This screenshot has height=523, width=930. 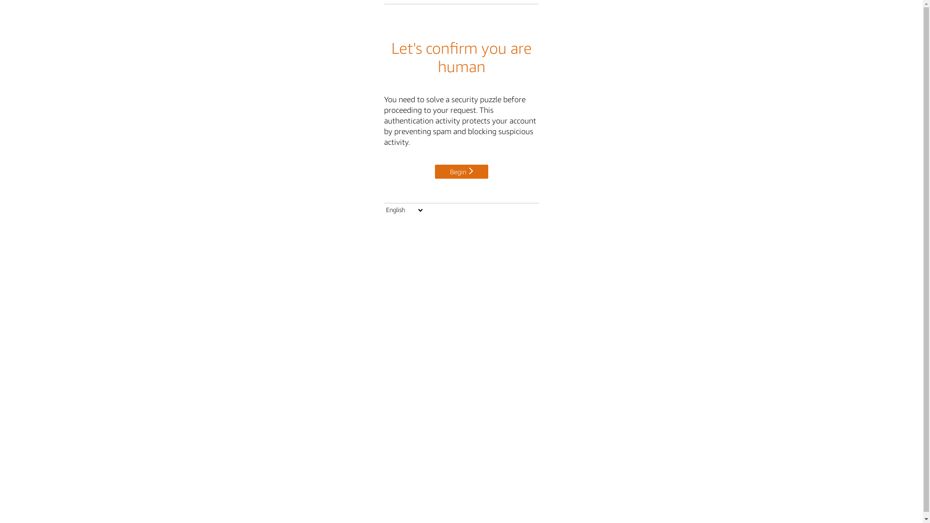 What do you see at coordinates (461, 171) in the screenshot?
I see `'Begin'` at bounding box center [461, 171].